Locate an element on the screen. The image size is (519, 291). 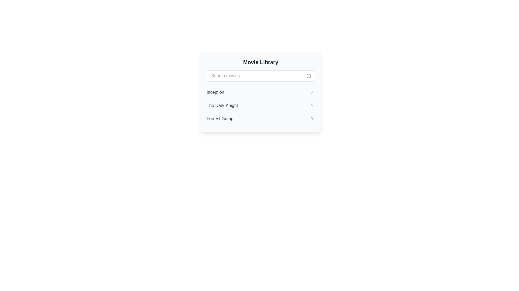
the stylized gray search icon resembling a magnifying glass located at the top-right corner of the search bar is located at coordinates (309, 76).